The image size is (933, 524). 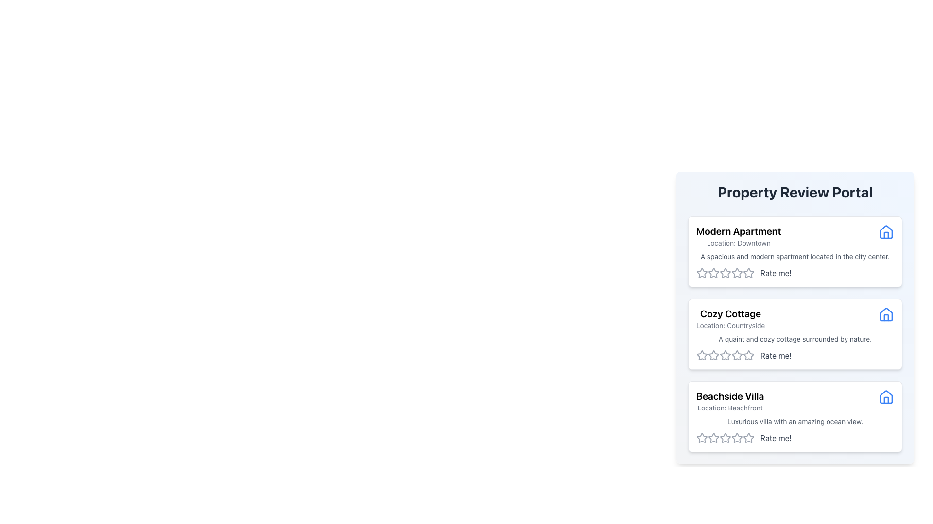 I want to click on the first star icon in the rating system under the 'Modern Apartment' section, so click(x=702, y=273).